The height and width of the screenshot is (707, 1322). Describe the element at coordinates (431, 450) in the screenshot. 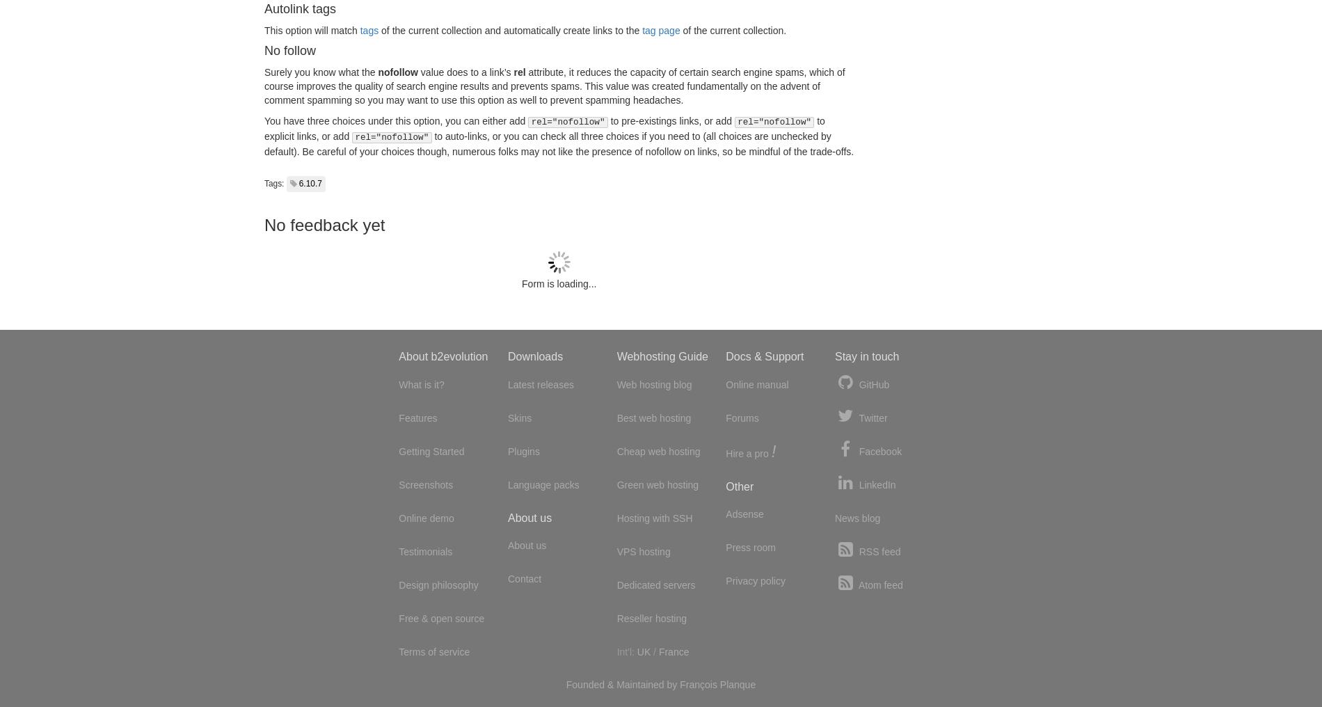

I see `'Getting Started'` at that location.